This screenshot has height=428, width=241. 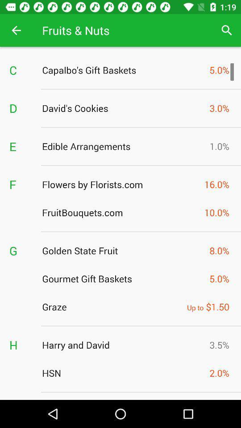 I want to click on the flowers by florists, so click(x=120, y=184).